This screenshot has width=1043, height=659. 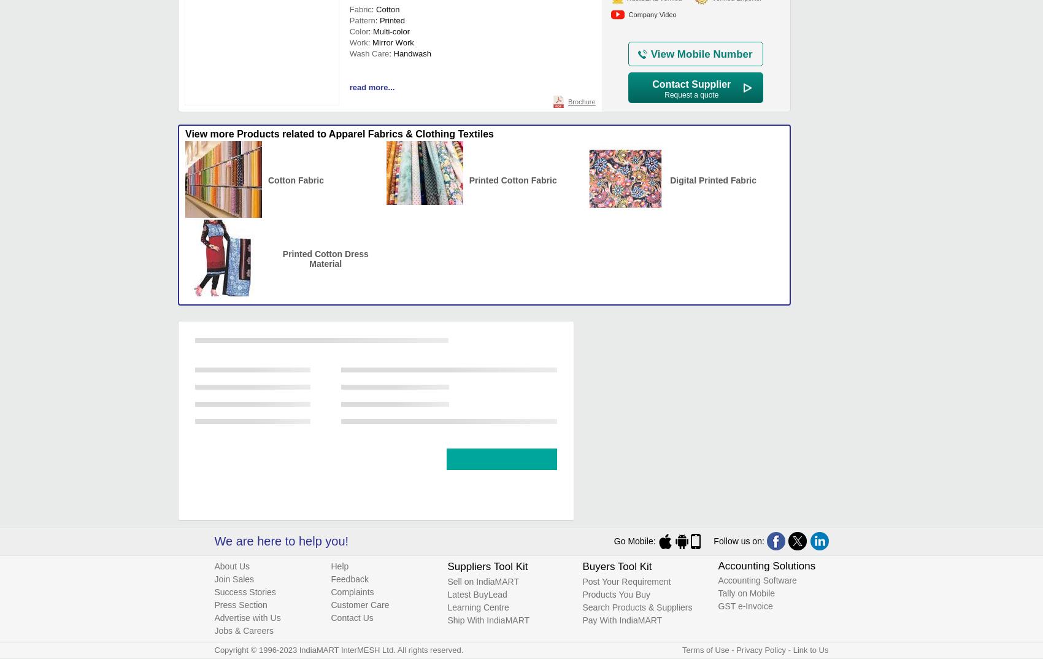 I want to click on 'Usage/Application', so click(x=380, y=156).